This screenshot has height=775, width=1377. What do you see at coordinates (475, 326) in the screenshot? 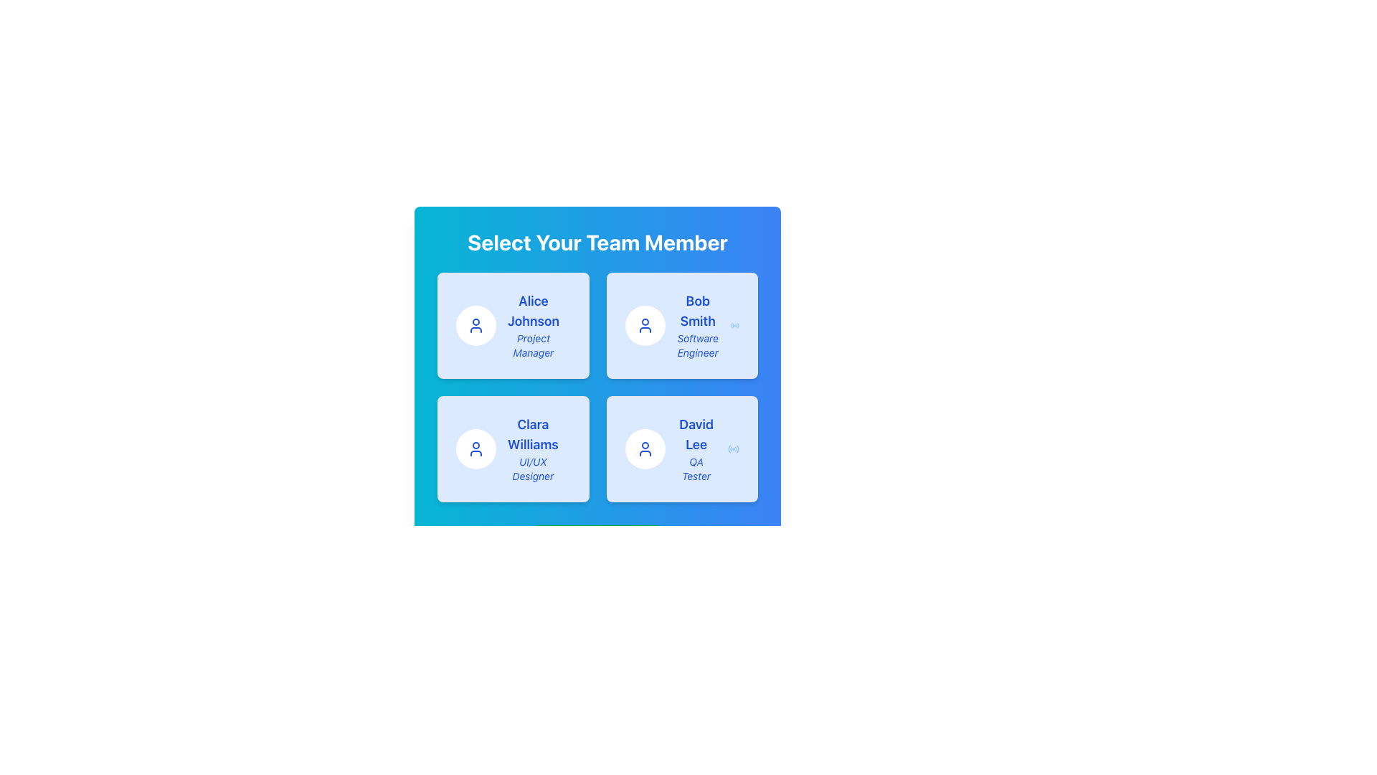
I see `the Avatar Icon representing 'Alice Johnson, Project Manager' located in the top-left position of the user selection area` at bounding box center [475, 326].